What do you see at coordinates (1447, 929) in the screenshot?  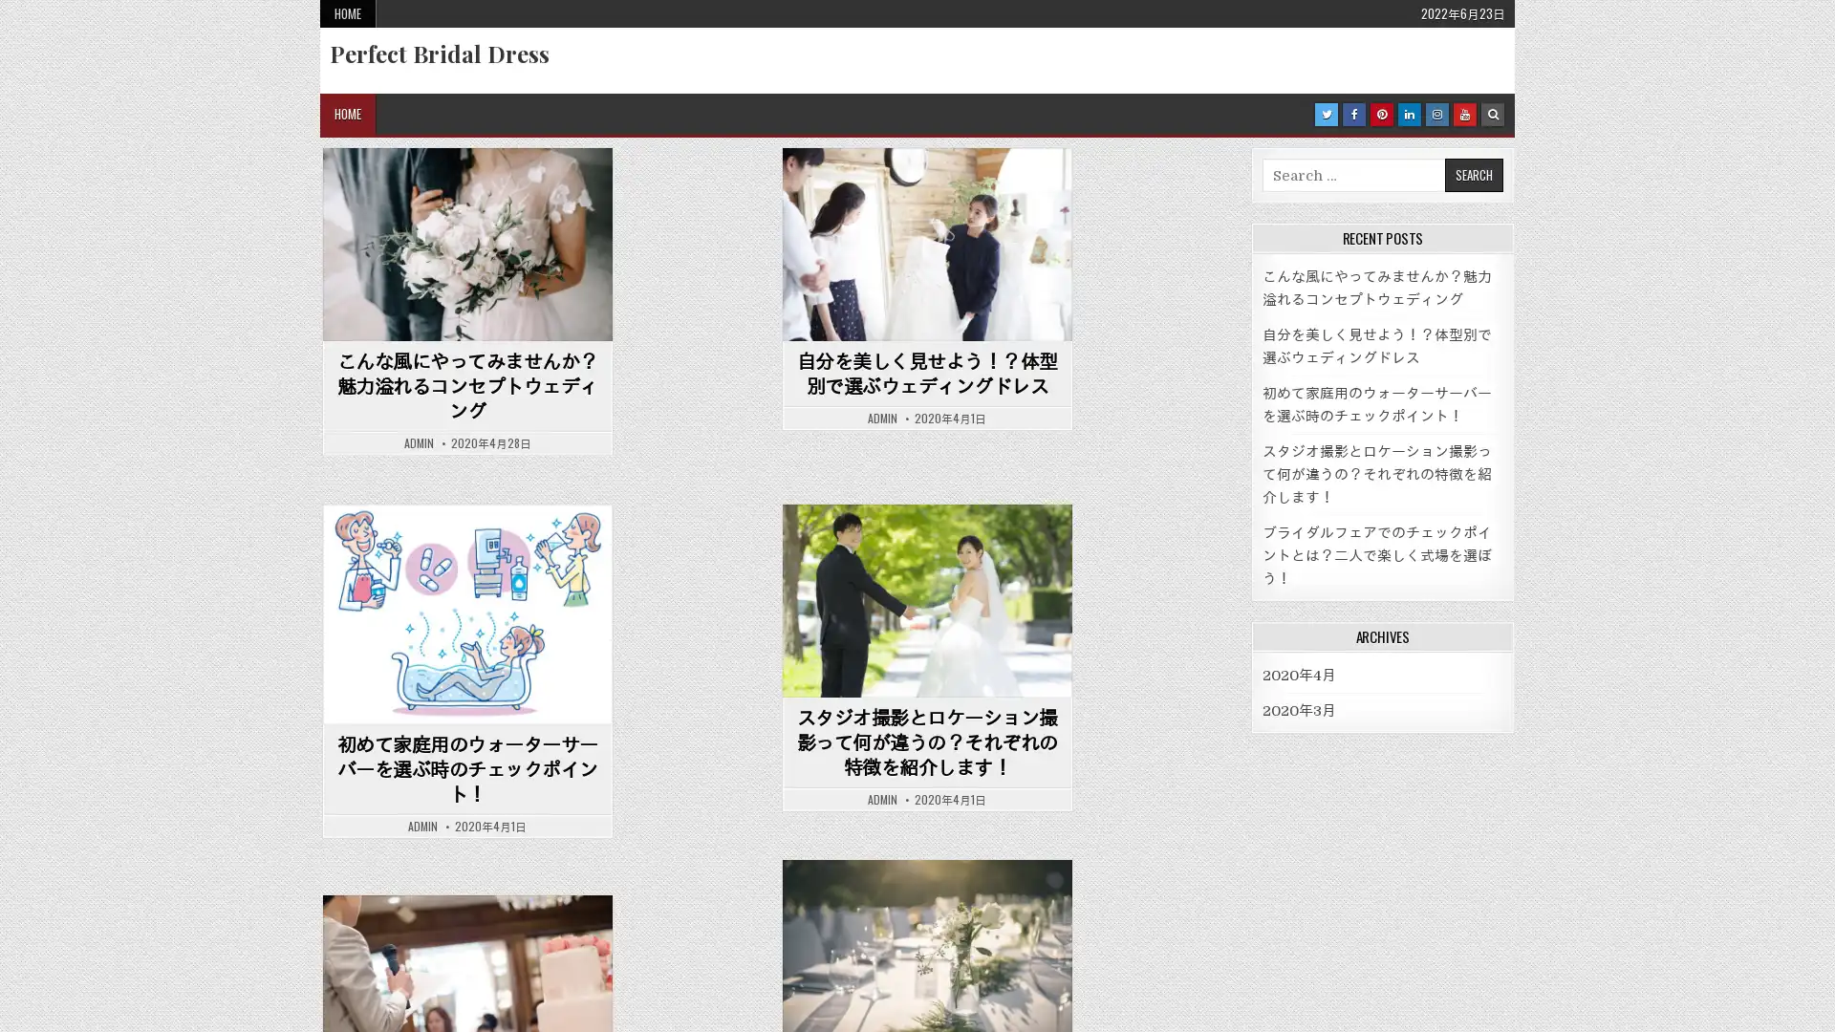 I see `Search` at bounding box center [1447, 929].